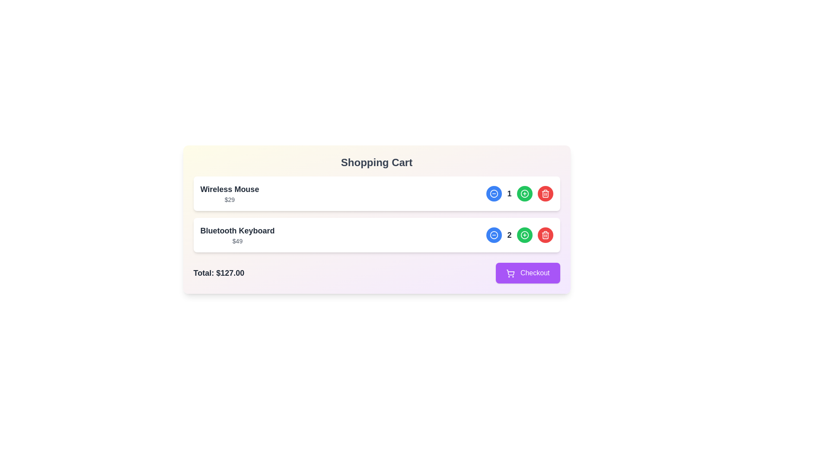  Describe the element at coordinates (509, 235) in the screenshot. I see `the bold gray numeric text '2' displayed` at that location.